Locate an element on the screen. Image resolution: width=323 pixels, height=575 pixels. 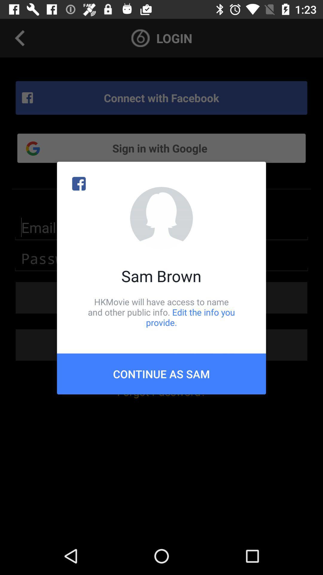
the hkmovie will have item is located at coordinates (161, 312).